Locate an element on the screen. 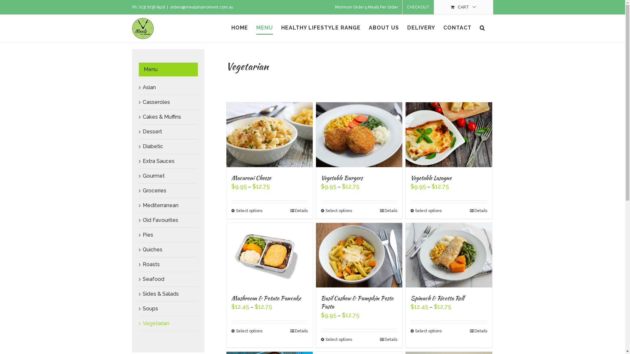 Image resolution: width=630 pixels, height=354 pixels. 'Spinach & Ricotta Roll' is located at coordinates (437, 298).